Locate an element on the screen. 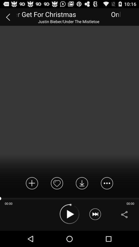  the more icon is located at coordinates (107, 196).